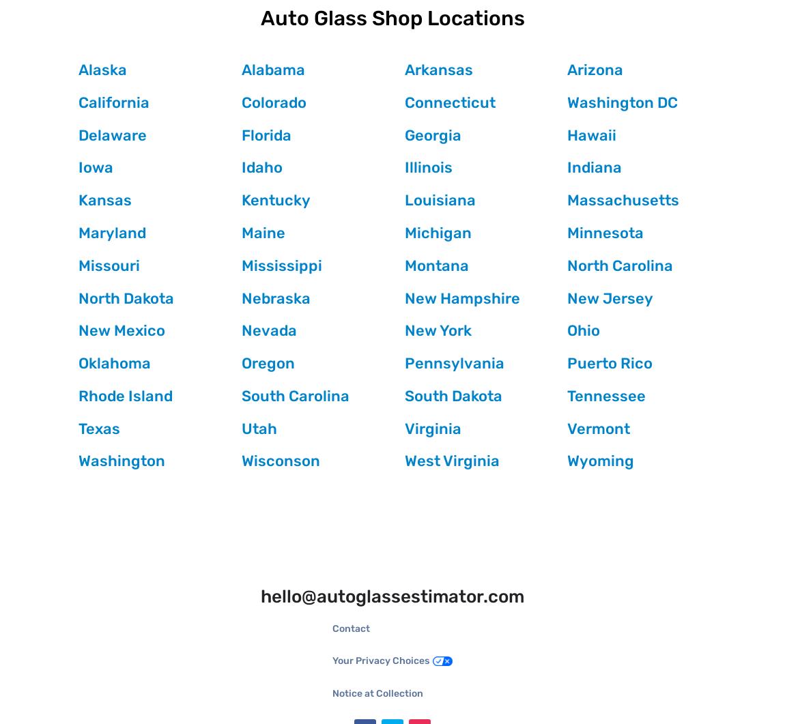 This screenshot has height=724, width=785. Describe the element at coordinates (452, 394) in the screenshot. I see `'South Dakota'` at that location.